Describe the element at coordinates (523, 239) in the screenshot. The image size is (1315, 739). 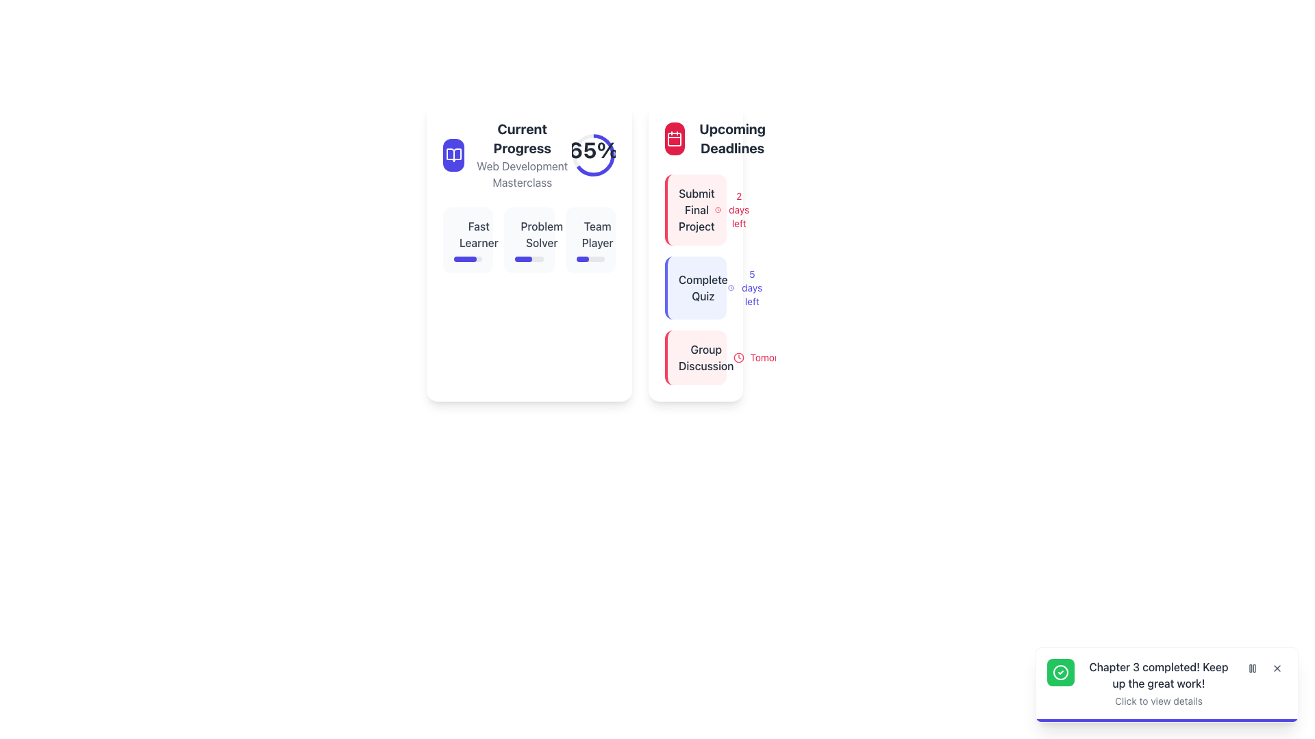
I see `the Decorative SVG graphic that is part of the award or badge design, located within the 'Current Progress' section of the application's card layout` at that location.